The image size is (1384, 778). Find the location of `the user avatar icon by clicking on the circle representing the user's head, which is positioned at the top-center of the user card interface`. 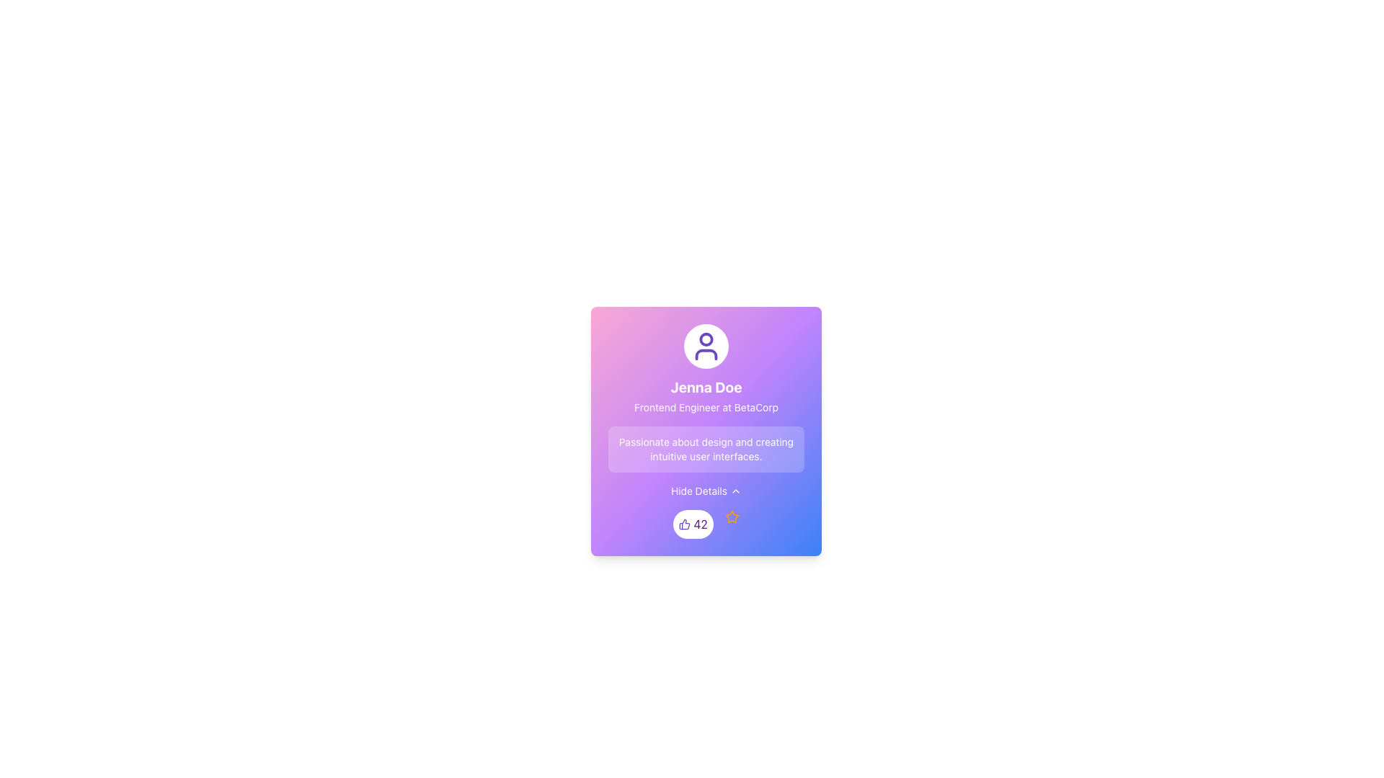

the user avatar icon by clicking on the circle representing the user's head, which is positioned at the top-center of the user card interface is located at coordinates (706, 339).